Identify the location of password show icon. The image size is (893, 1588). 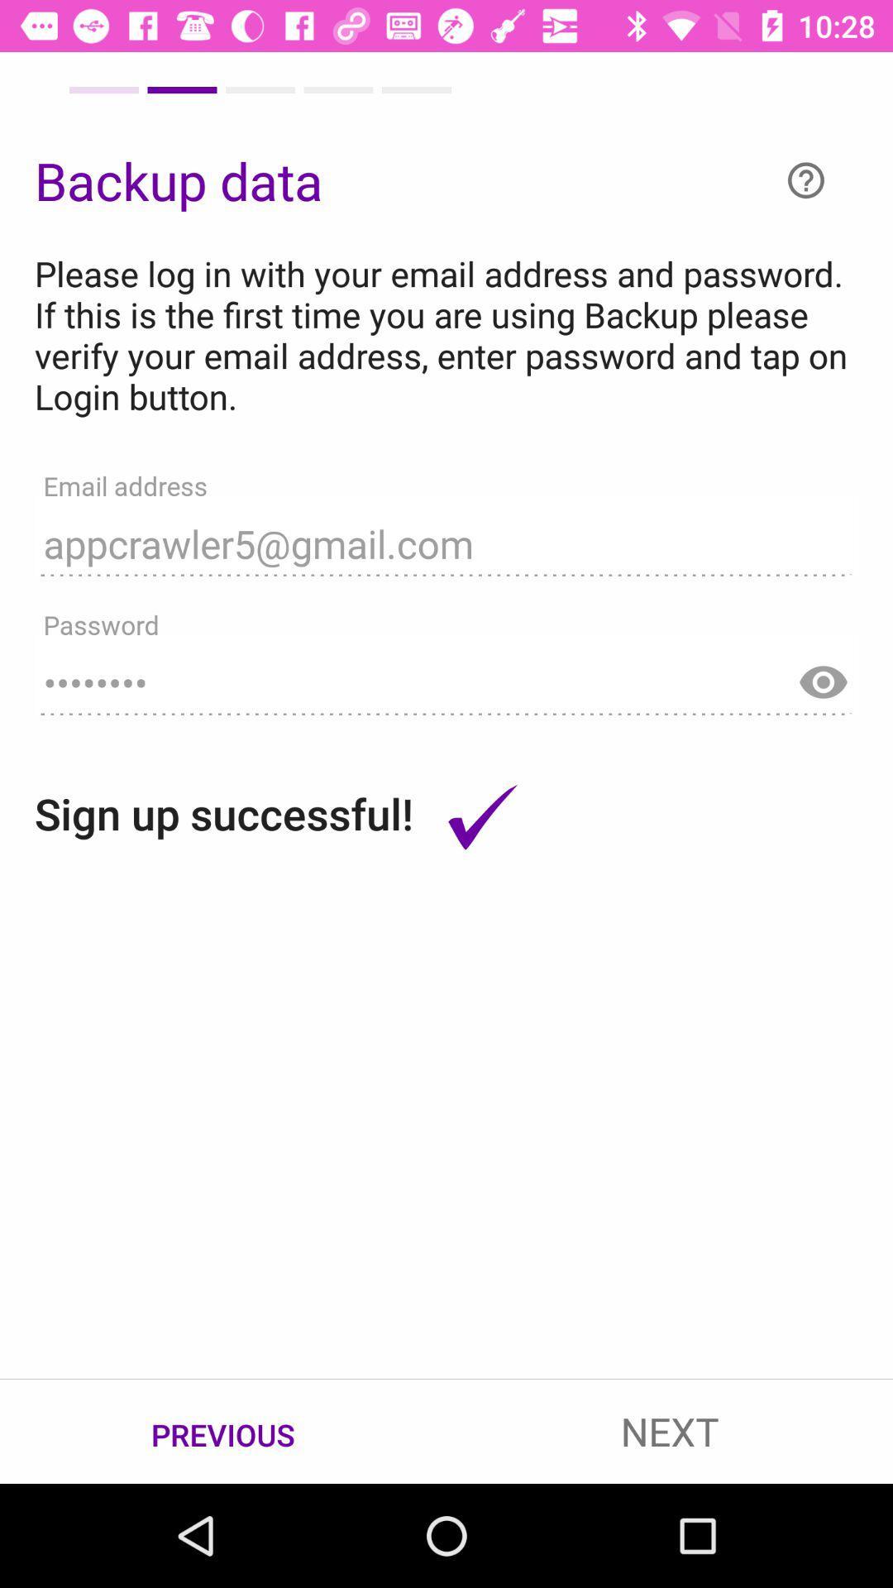
(823, 674).